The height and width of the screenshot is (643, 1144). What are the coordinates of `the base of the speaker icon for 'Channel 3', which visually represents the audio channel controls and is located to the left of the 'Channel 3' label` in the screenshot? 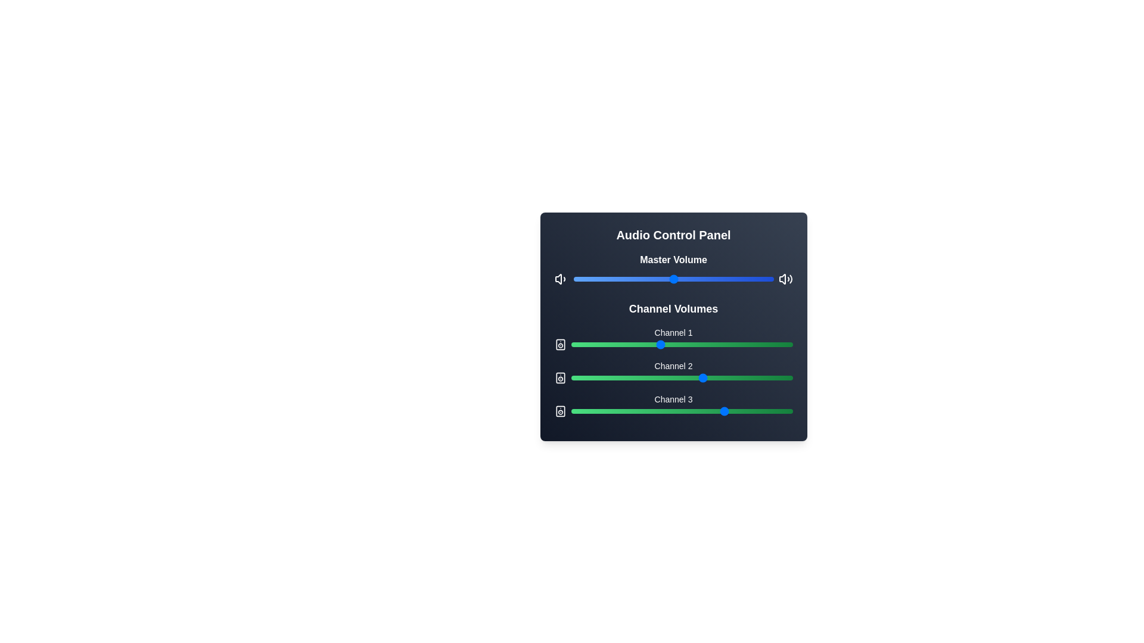 It's located at (559, 410).